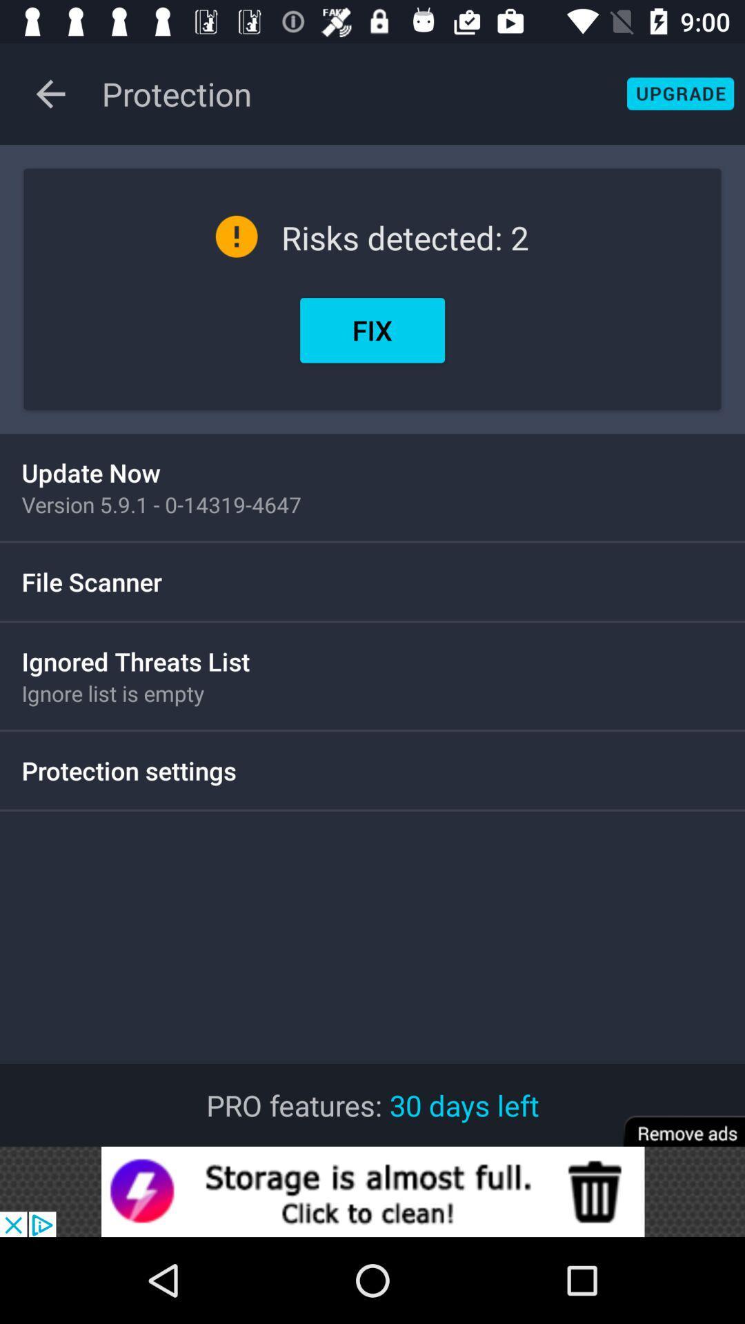 The image size is (745, 1324). Describe the element at coordinates (372, 1191) in the screenshot. I see `click advertisement` at that location.